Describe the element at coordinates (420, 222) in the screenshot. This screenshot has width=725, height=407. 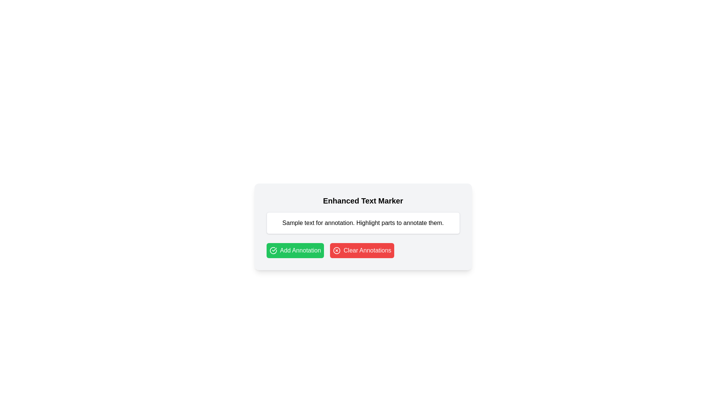
I see `letter 'a' in the word 'annotate' within the sentence 'Sample text for annotation. Highlight parts to annotate them.' for text extraction` at that location.